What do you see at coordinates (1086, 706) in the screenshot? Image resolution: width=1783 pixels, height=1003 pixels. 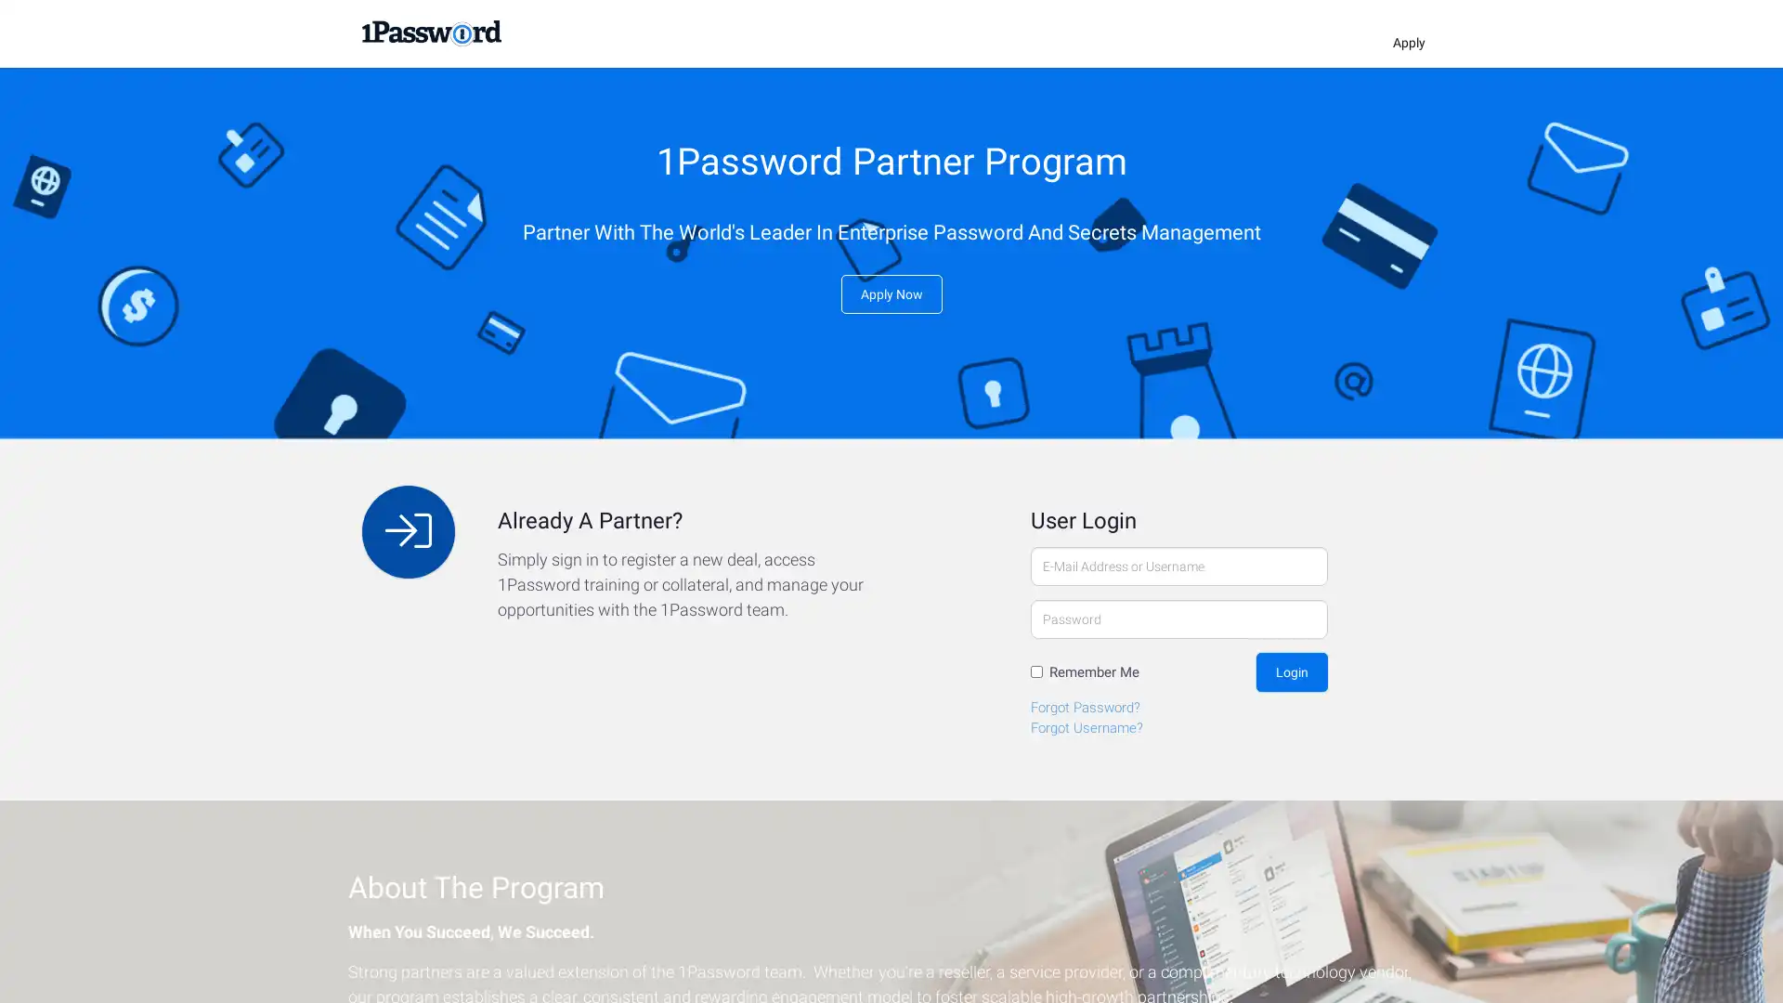 I see `Forgot Password?` at bounding box center [1086, 706].